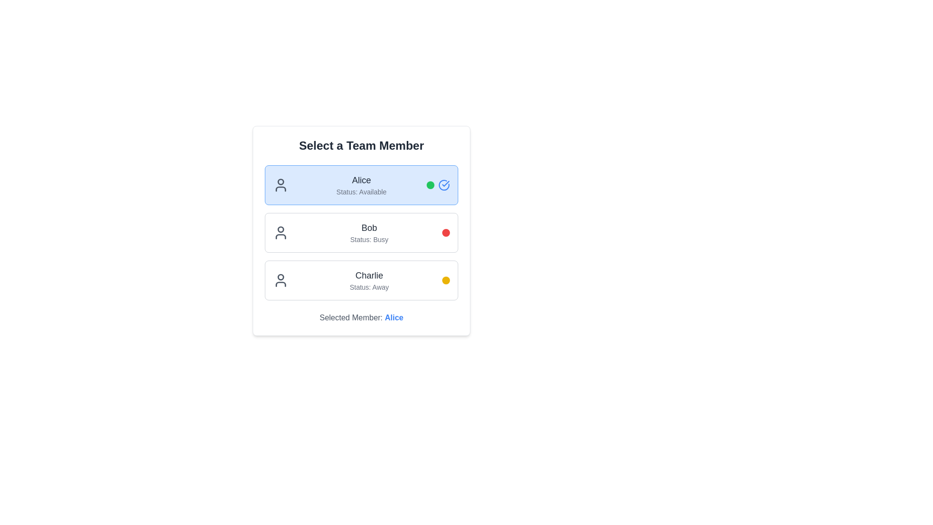  What do you see at coordinates (361, 230) in the screenshot?
I see `a team member in the Interactive panel` at bounding box center [361, 230].